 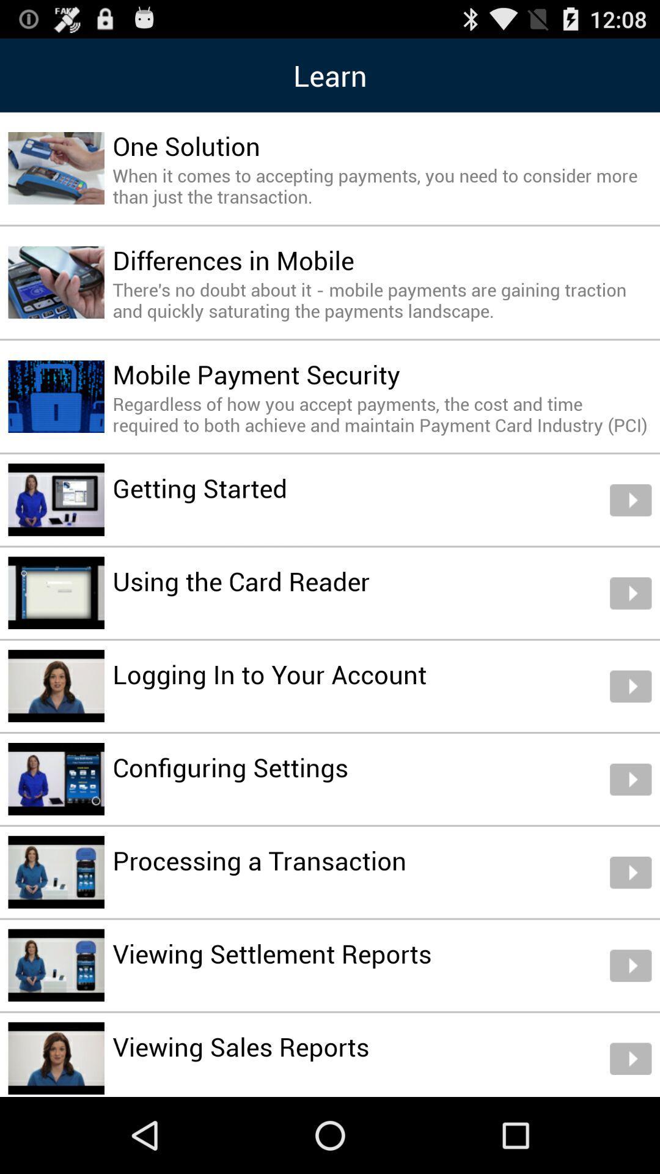 I want to click on the item below configuring settings, so click(x=258, y=859).